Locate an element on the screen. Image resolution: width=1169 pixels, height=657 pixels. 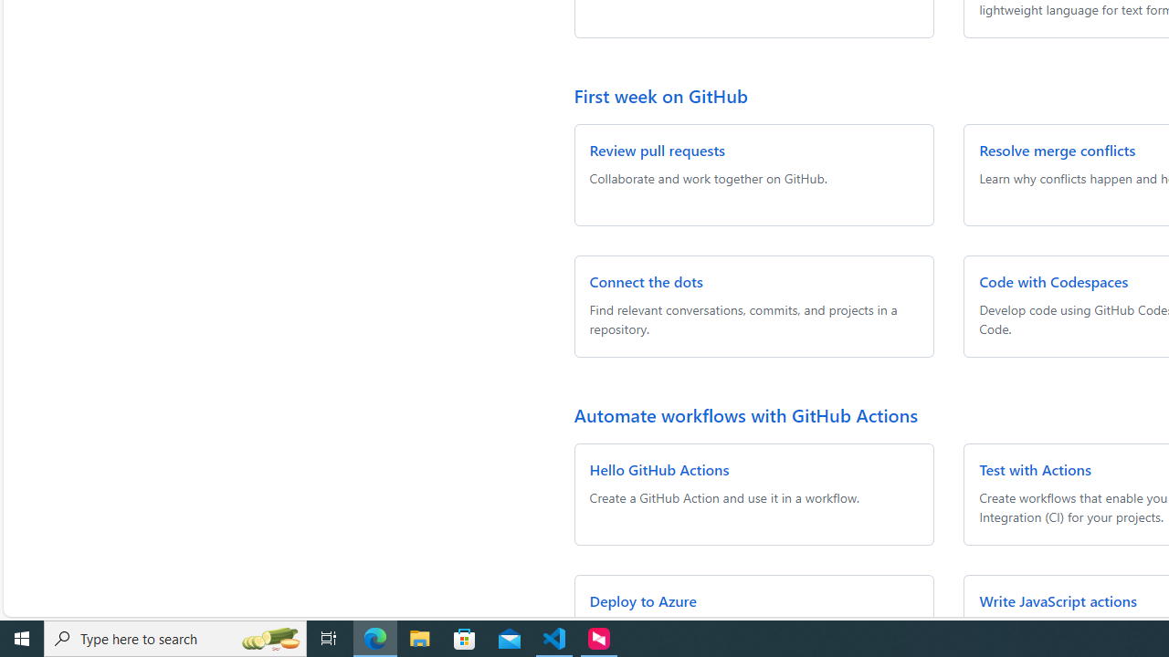
'Automate workflows with GitHub Actions' is located at coordinates (745, 414).